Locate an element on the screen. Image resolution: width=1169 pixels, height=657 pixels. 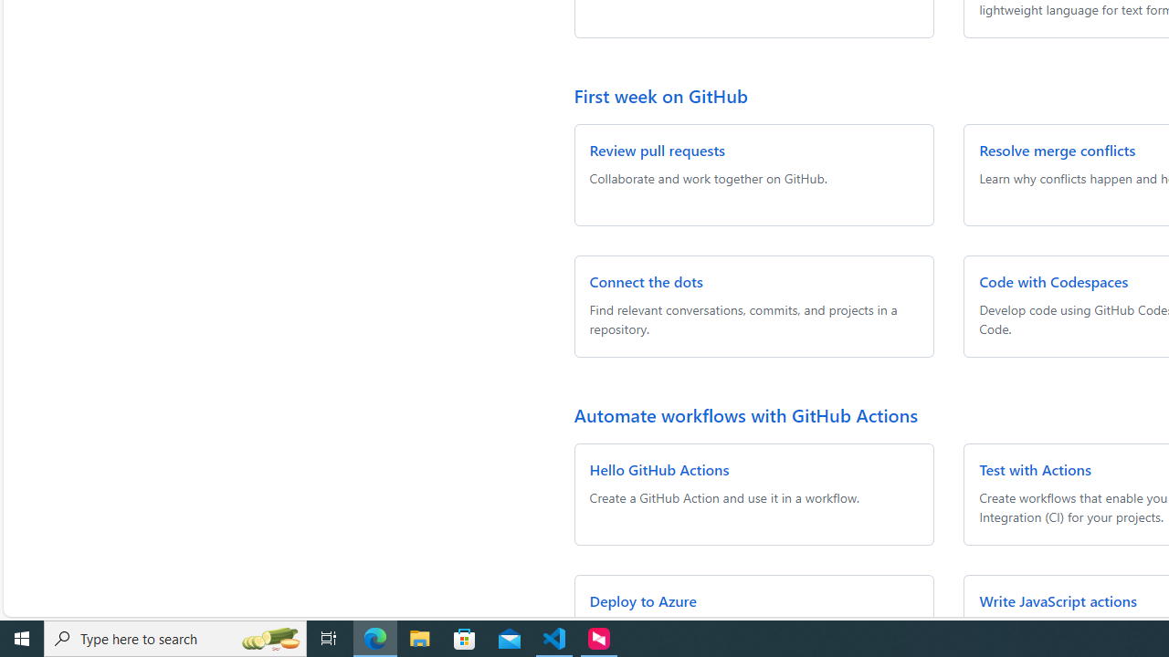
'Automate workflows with GitHub Actions' is located at coordinates (745, 414).